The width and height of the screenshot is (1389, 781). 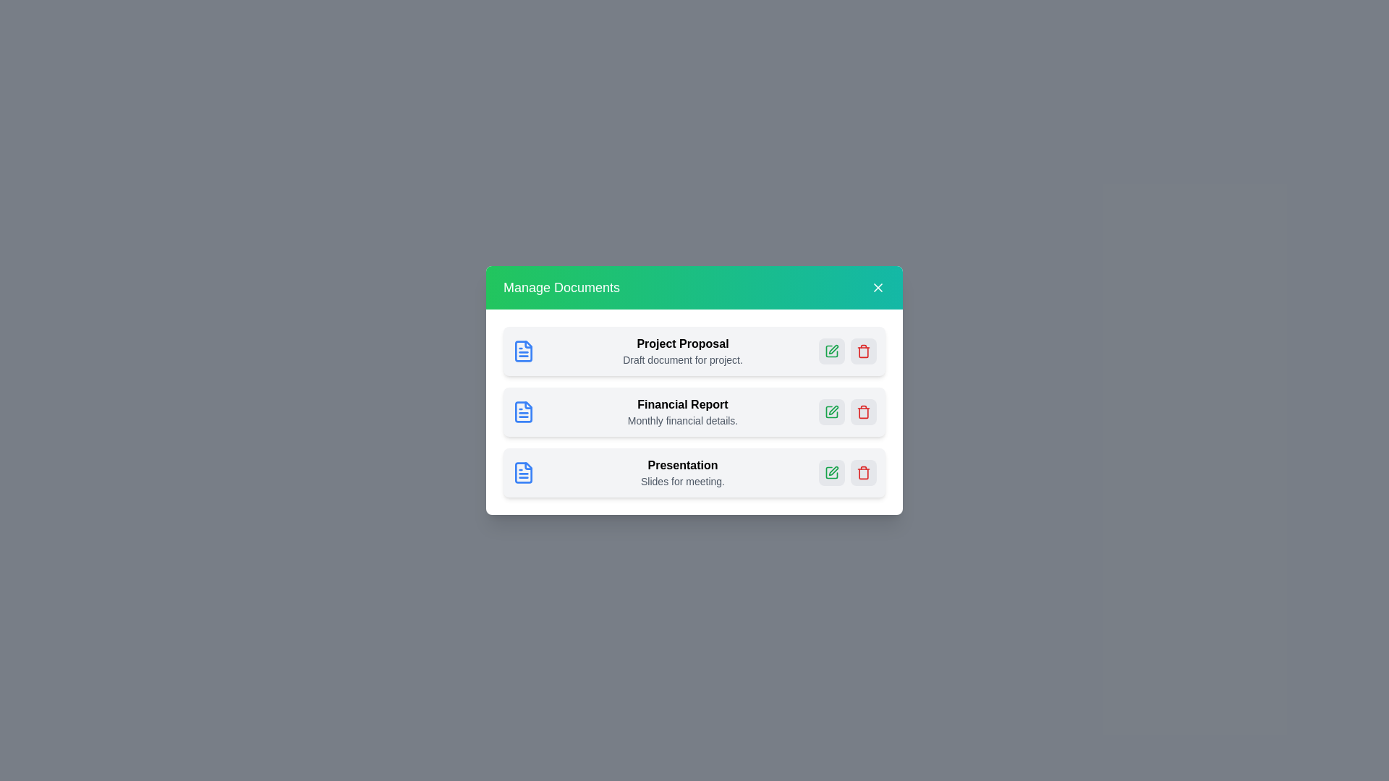 What do you see at coordinates (832, 473) in the screenshot?
I see `edit button for the document named Presentation` at bounding box center [832, 473].